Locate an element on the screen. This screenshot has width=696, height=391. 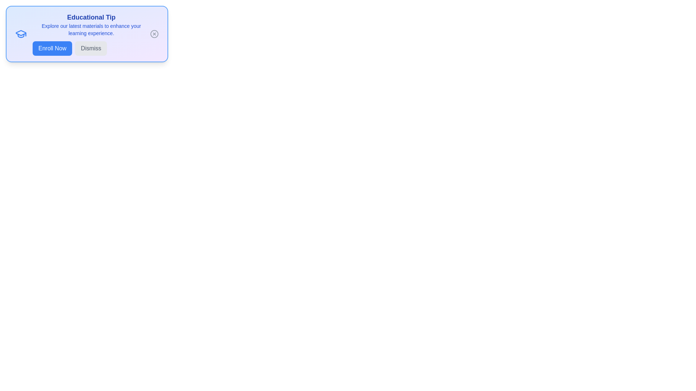
the 'Close' icon to close the alert is located at coordinates (154, 34).